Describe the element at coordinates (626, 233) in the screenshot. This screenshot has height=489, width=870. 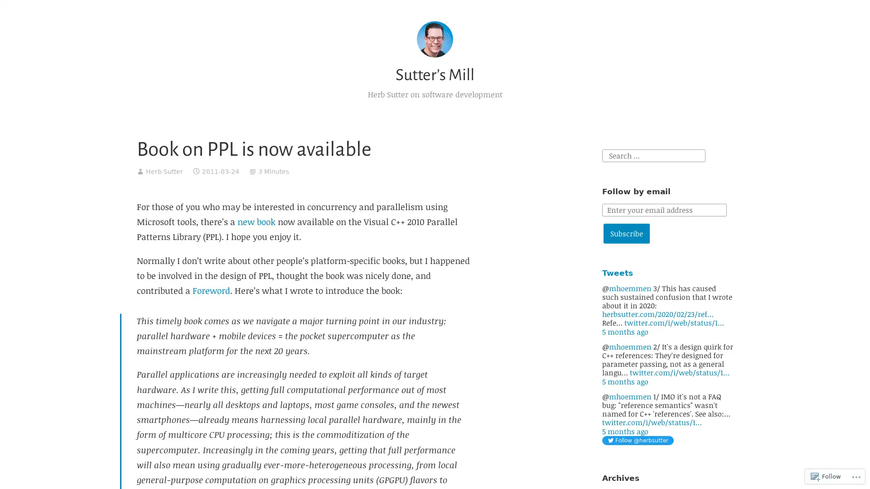
I see `Subscribe` at that location.